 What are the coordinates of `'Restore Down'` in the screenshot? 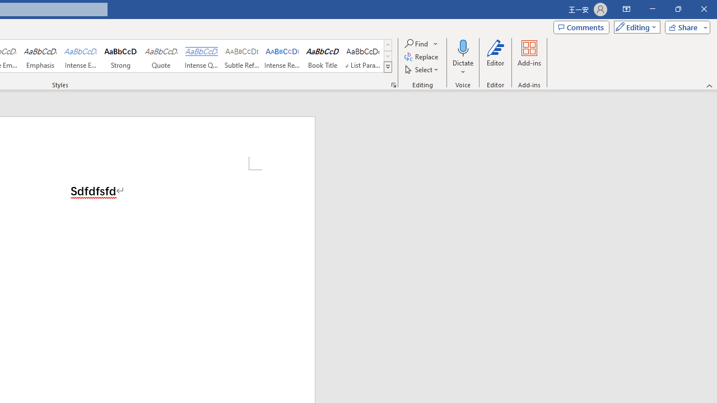 It's located at (677, 9).